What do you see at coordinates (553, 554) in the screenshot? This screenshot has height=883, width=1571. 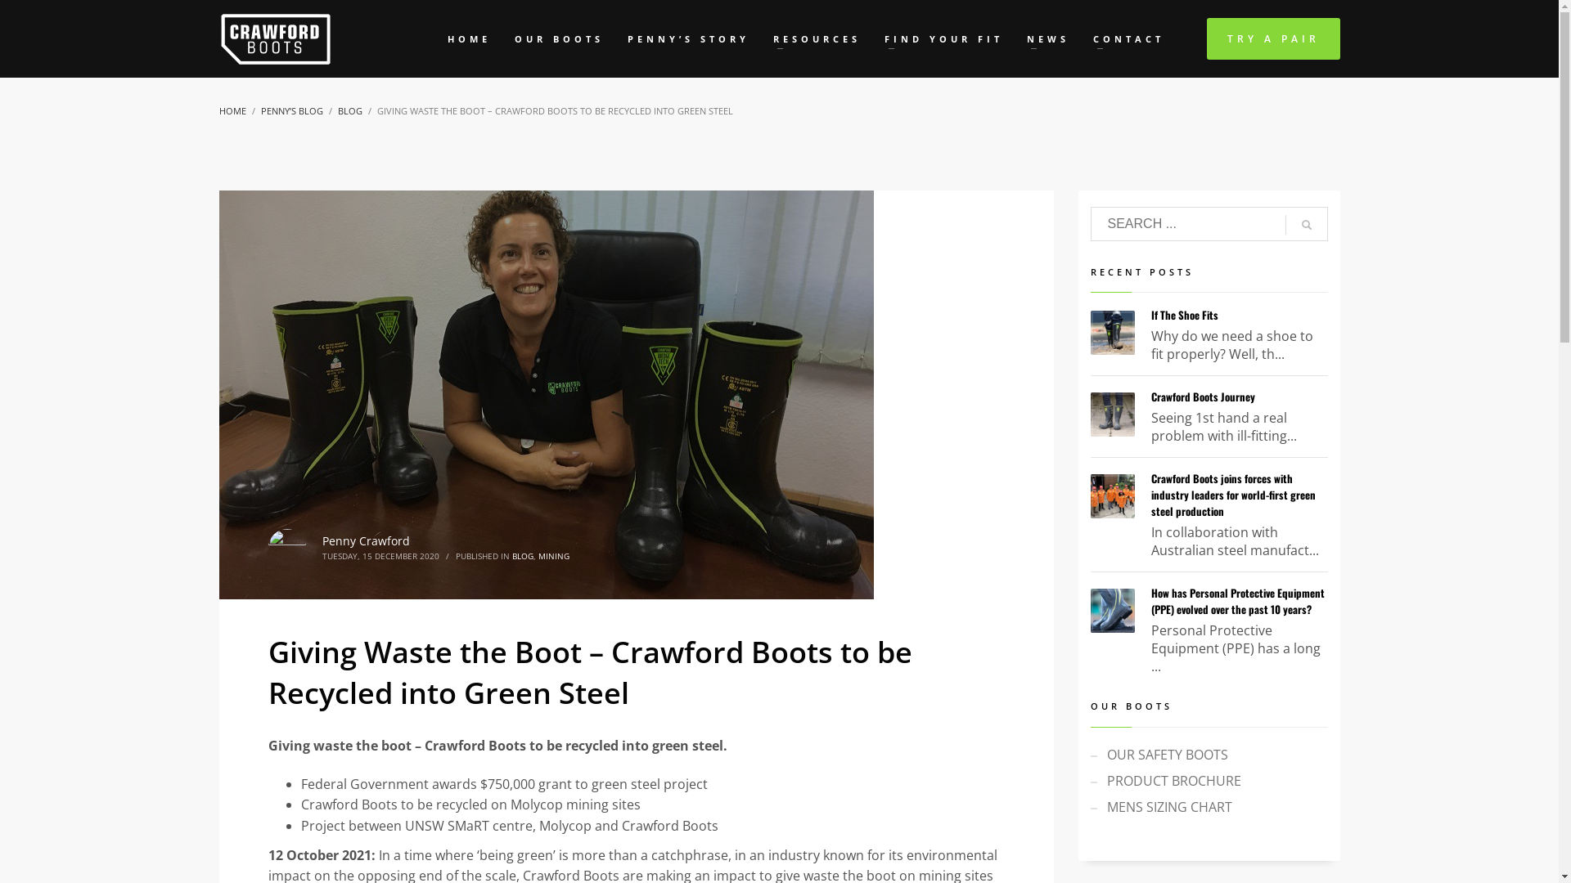 I see `'MINING'` at bounding box center [553, 554].